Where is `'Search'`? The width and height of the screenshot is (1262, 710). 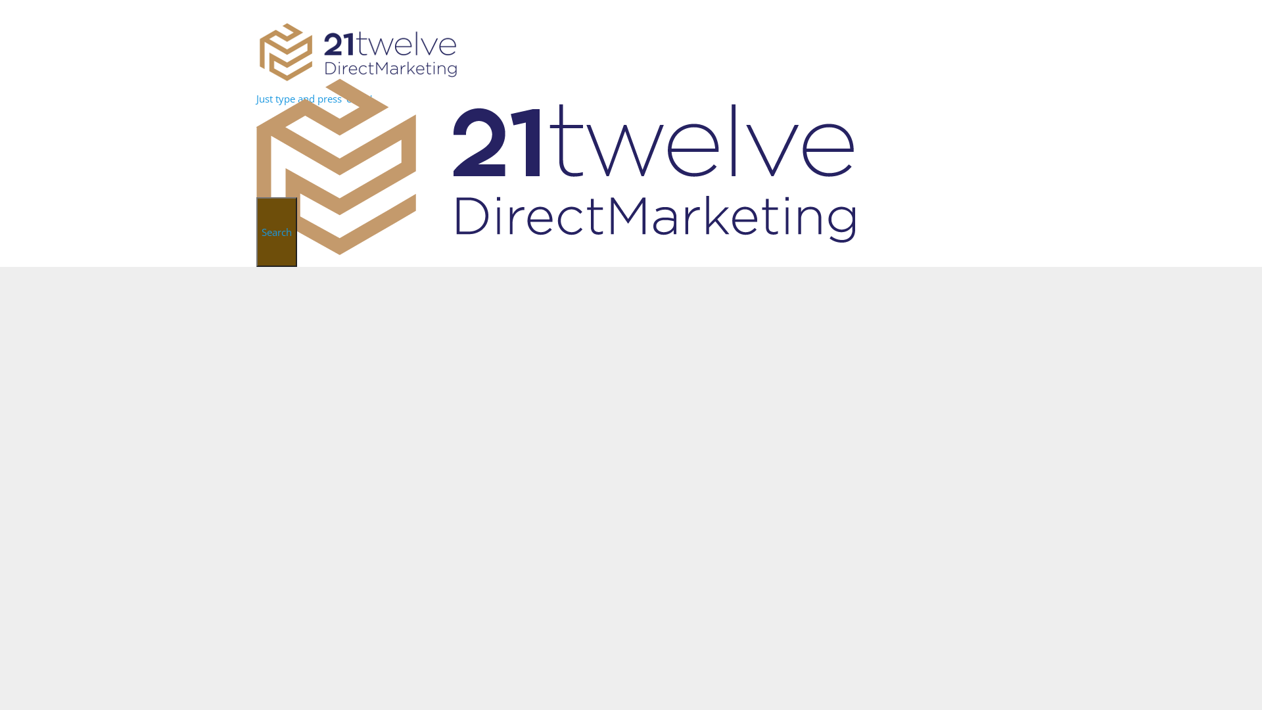 'Search' is located at coordinates (276, 231).